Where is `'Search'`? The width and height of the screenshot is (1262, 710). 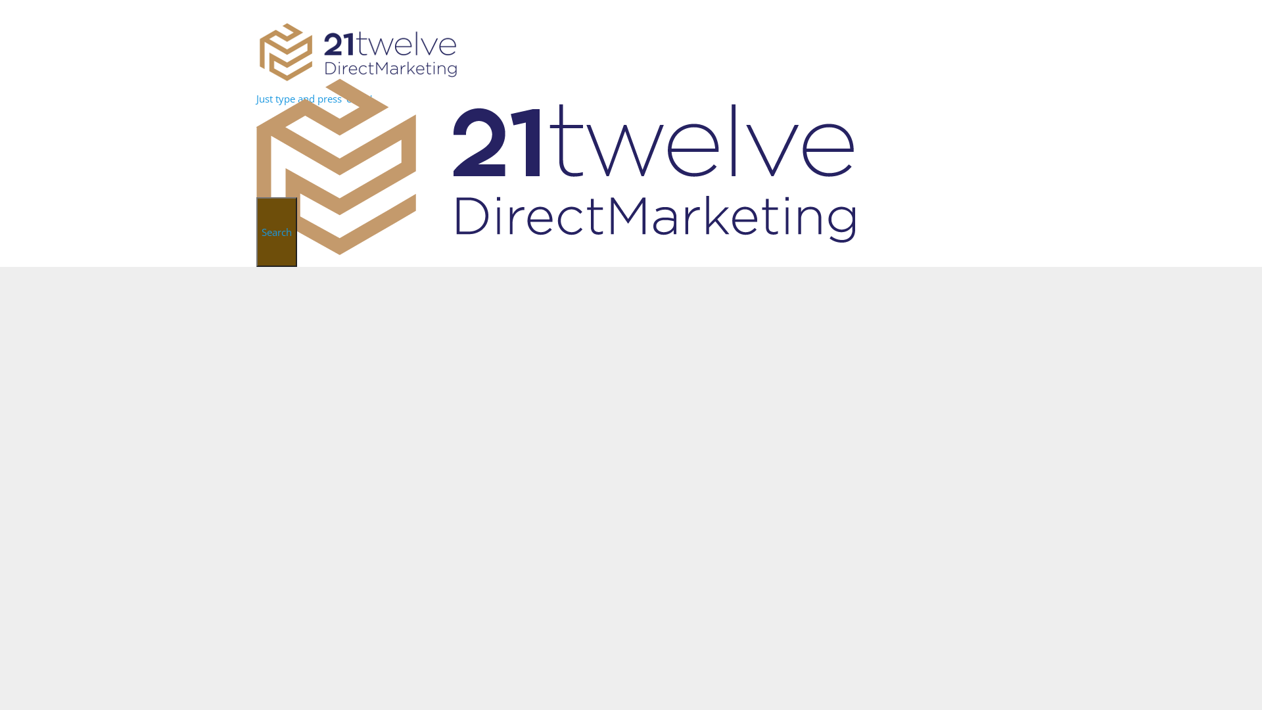 'Search' is located at coordinates (276, 231).